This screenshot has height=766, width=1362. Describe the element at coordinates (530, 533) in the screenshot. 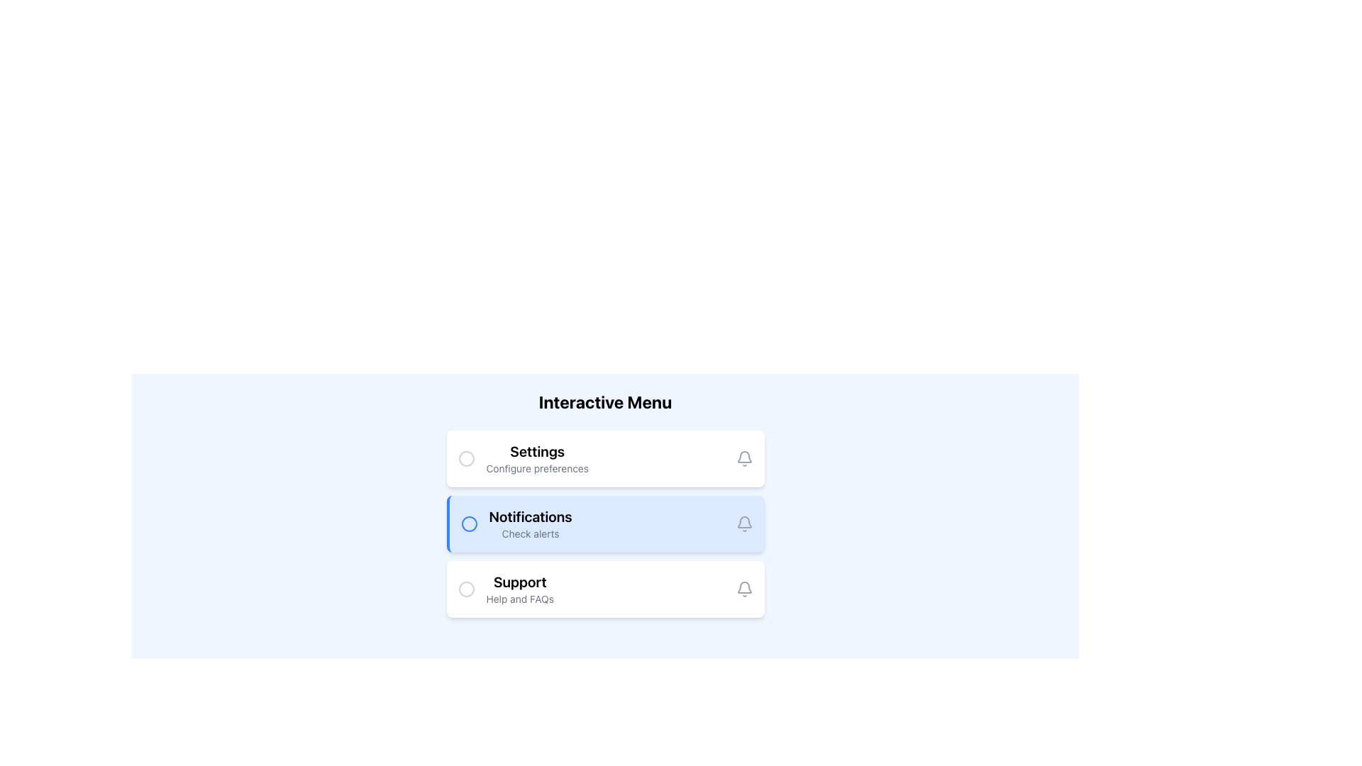

I see `the descriptive label for the 'Notifications' section, which provides context about alerts and is located directly beneath the 'Notifications' title` at that location.